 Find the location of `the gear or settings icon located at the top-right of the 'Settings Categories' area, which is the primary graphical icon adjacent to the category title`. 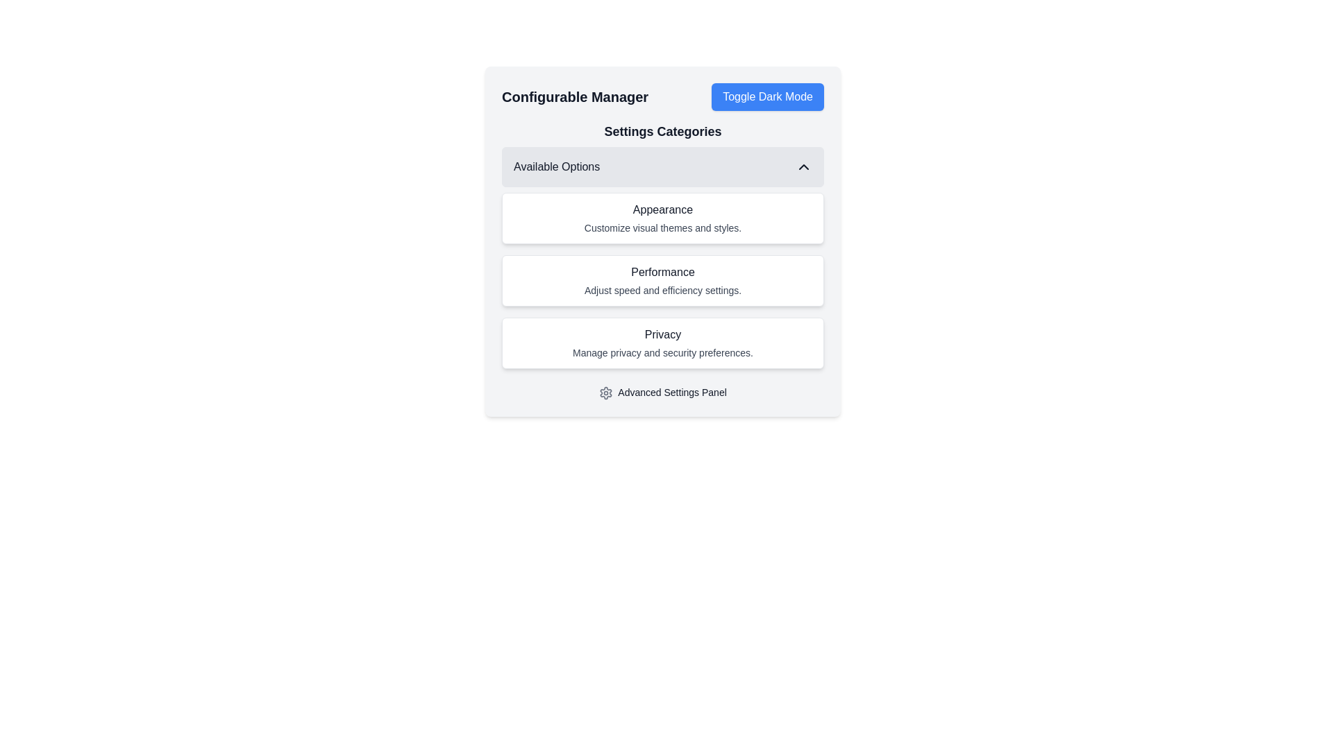

the gear or settings icon located at the top-right of the 'Settings Categories' area, which is the primary graphical icon adjacent to the category title is located at coordinates (606, 393).